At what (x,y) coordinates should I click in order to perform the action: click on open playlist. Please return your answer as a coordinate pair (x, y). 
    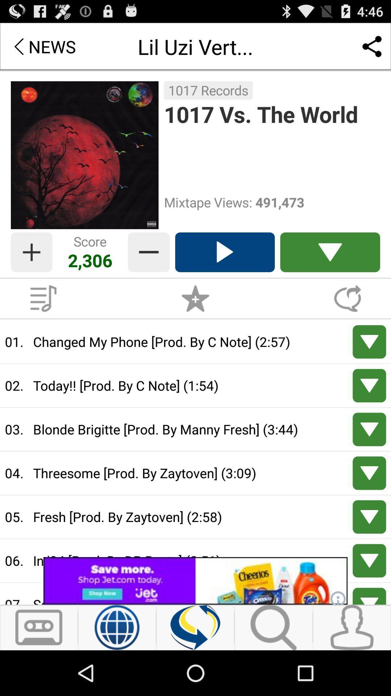
    Looking at the image, I should click on (43, 298).